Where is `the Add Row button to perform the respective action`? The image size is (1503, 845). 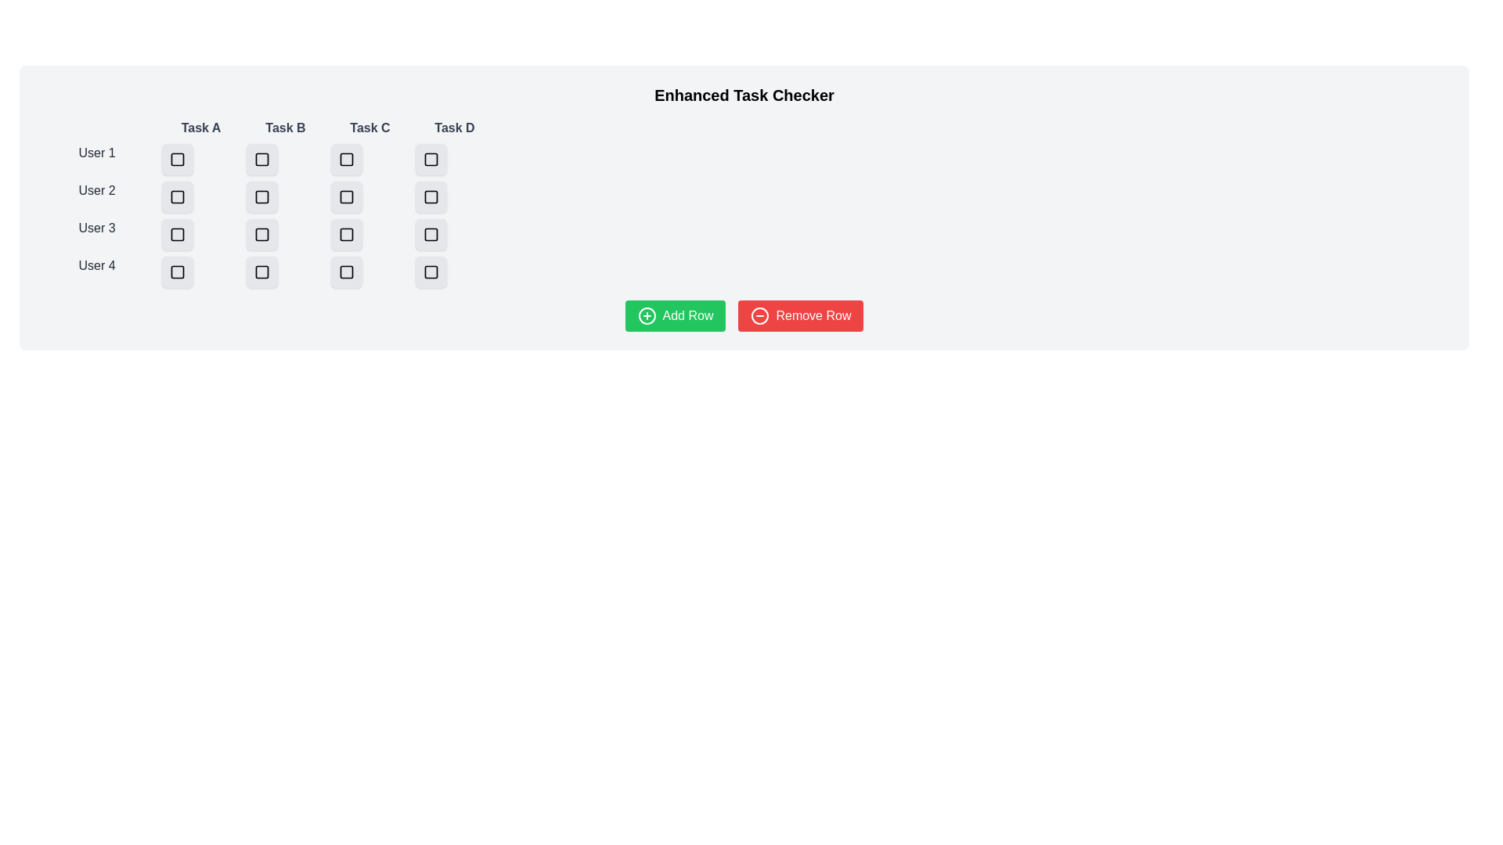
the Add Row button to perform the respective action is located at coordinates (675, 316).